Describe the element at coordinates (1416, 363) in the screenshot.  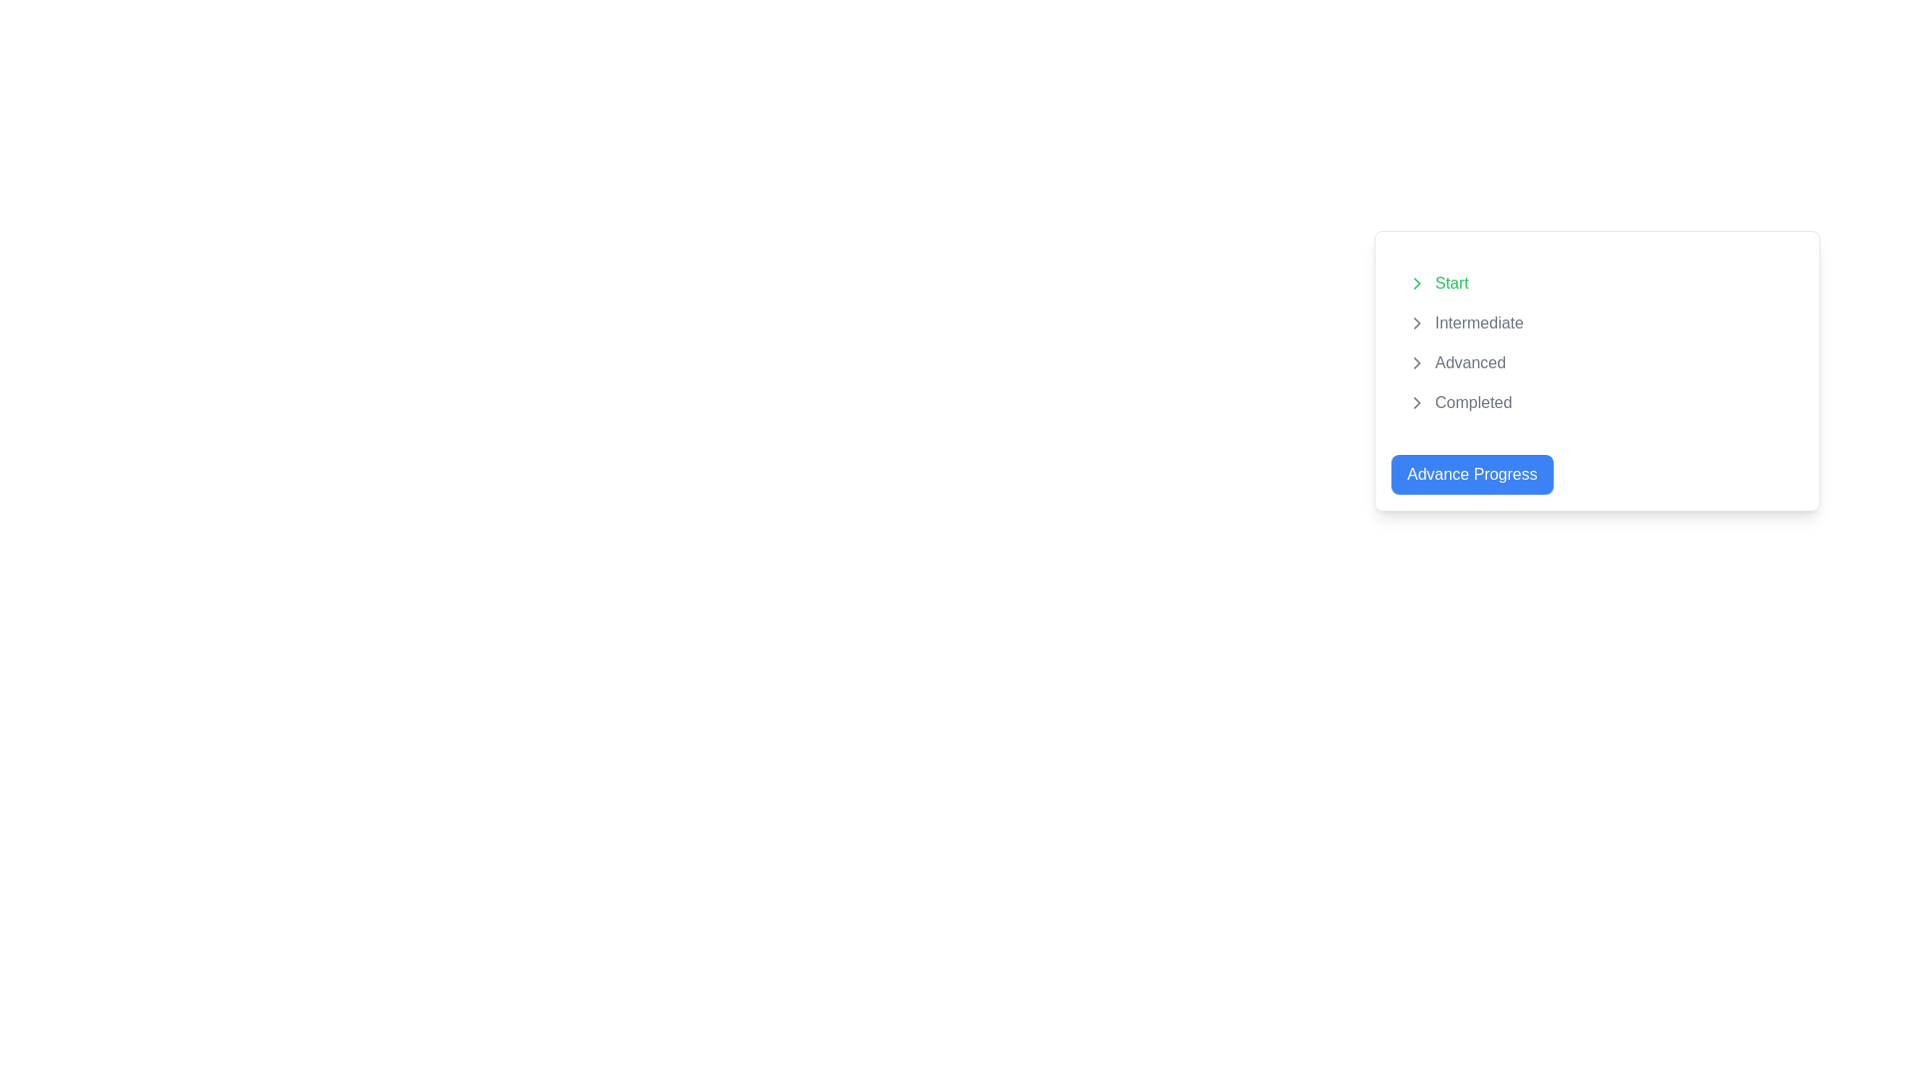
I see `the Right-pointing chevron icon located to the left of the 'Advanced' text` at that location.